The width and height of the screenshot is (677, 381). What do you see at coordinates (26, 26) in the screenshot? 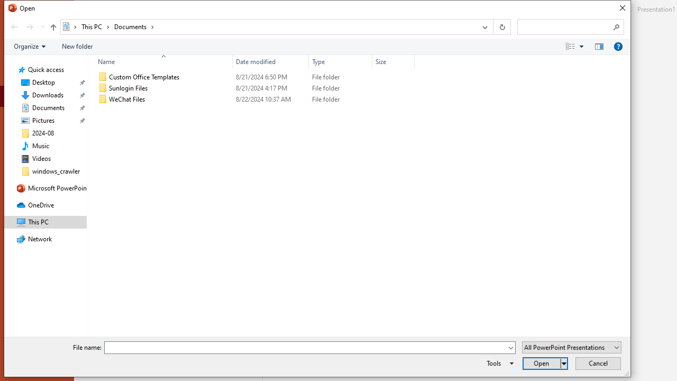
I see `'Navigation buttons'` at bounding box center [26, 26].